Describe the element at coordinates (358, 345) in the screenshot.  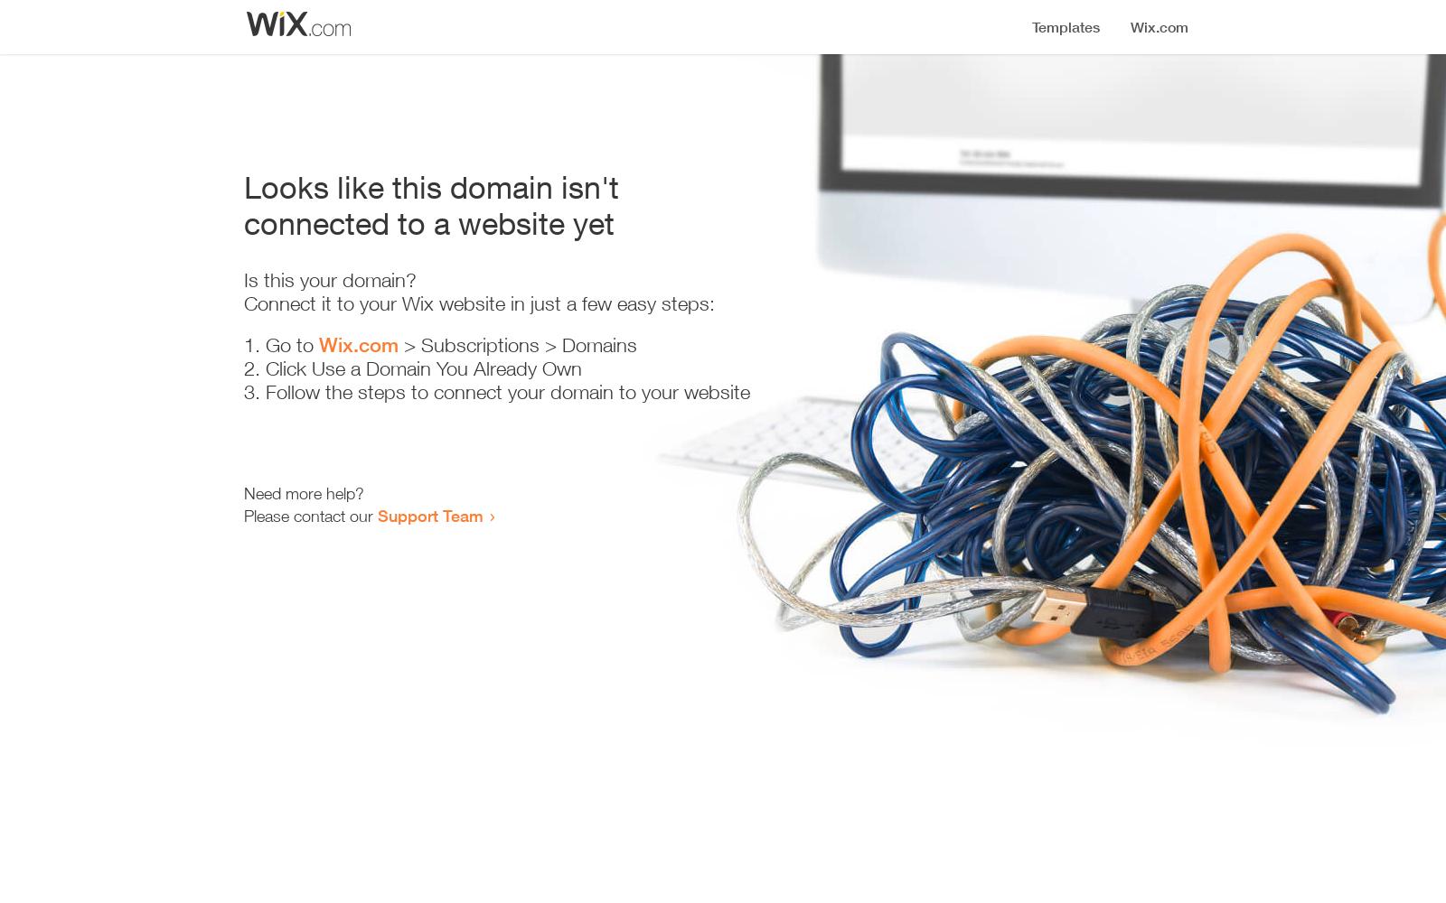
I see `'Wix.com'` at that location.